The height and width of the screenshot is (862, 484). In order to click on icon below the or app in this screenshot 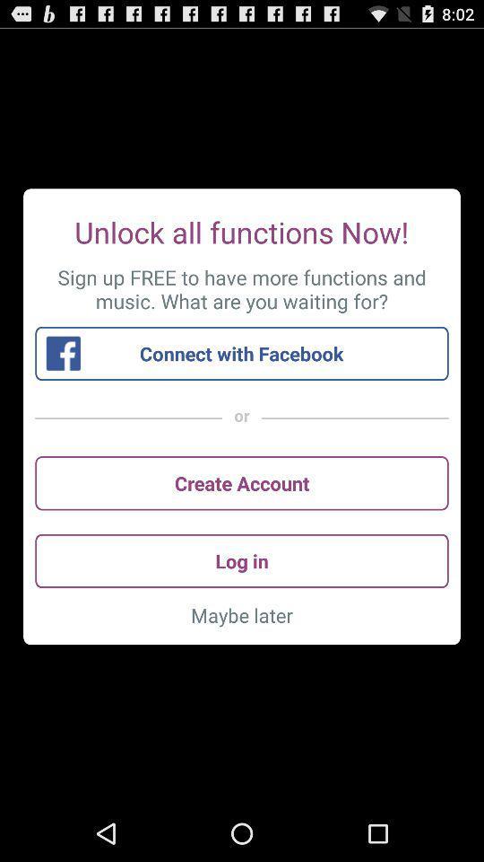, I will do `click(242, 482)`.